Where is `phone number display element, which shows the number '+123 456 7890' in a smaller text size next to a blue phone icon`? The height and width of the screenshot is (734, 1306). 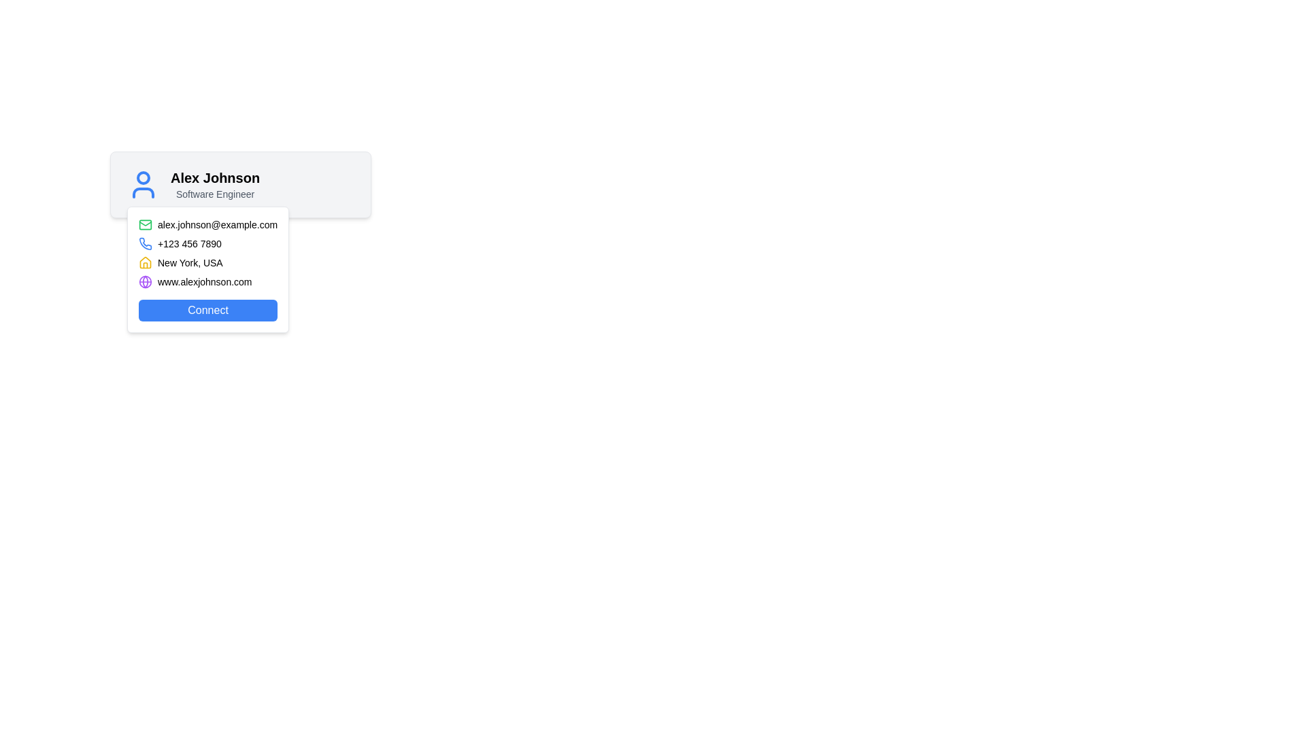 phone number display element, which shows the number '+123 456 7890' in a smaller text size next to a blue phone icon is located at coordinates (188, 243).